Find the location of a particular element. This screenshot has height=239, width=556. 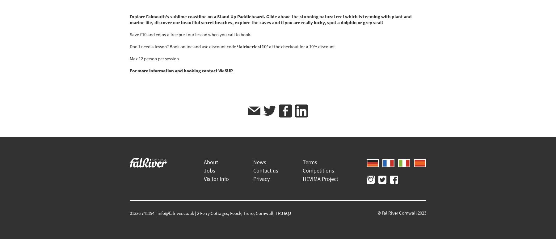

'For more information and booking contact WeSUP' is located at coordinates (181, 70).